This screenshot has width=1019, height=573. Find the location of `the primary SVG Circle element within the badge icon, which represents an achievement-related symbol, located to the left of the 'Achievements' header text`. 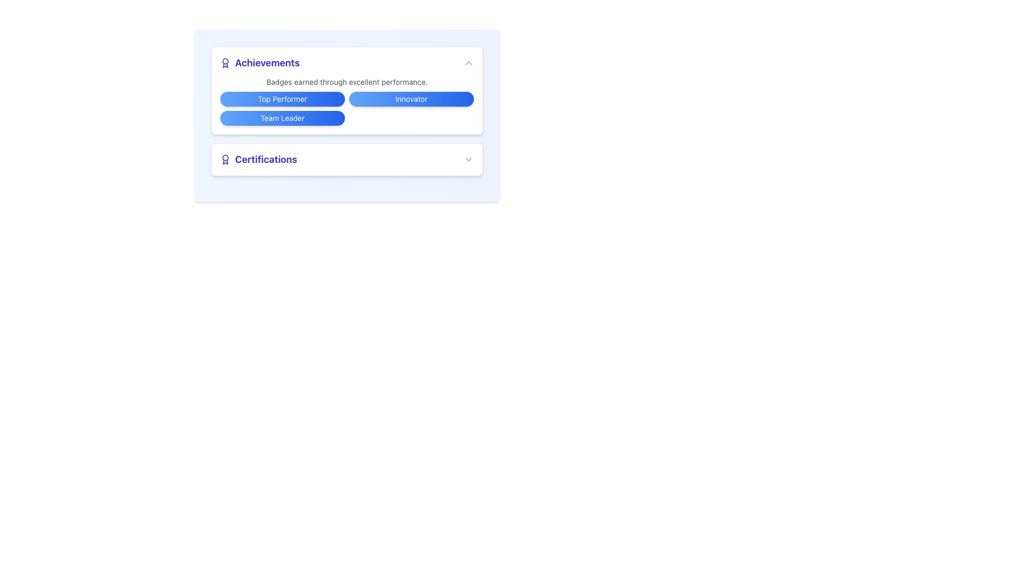

the primary SVG Circle element within the badge icon, which represents an achievement-related symbol, located to the left of the 'Achievements' header text is located at coordinates (225, 61).